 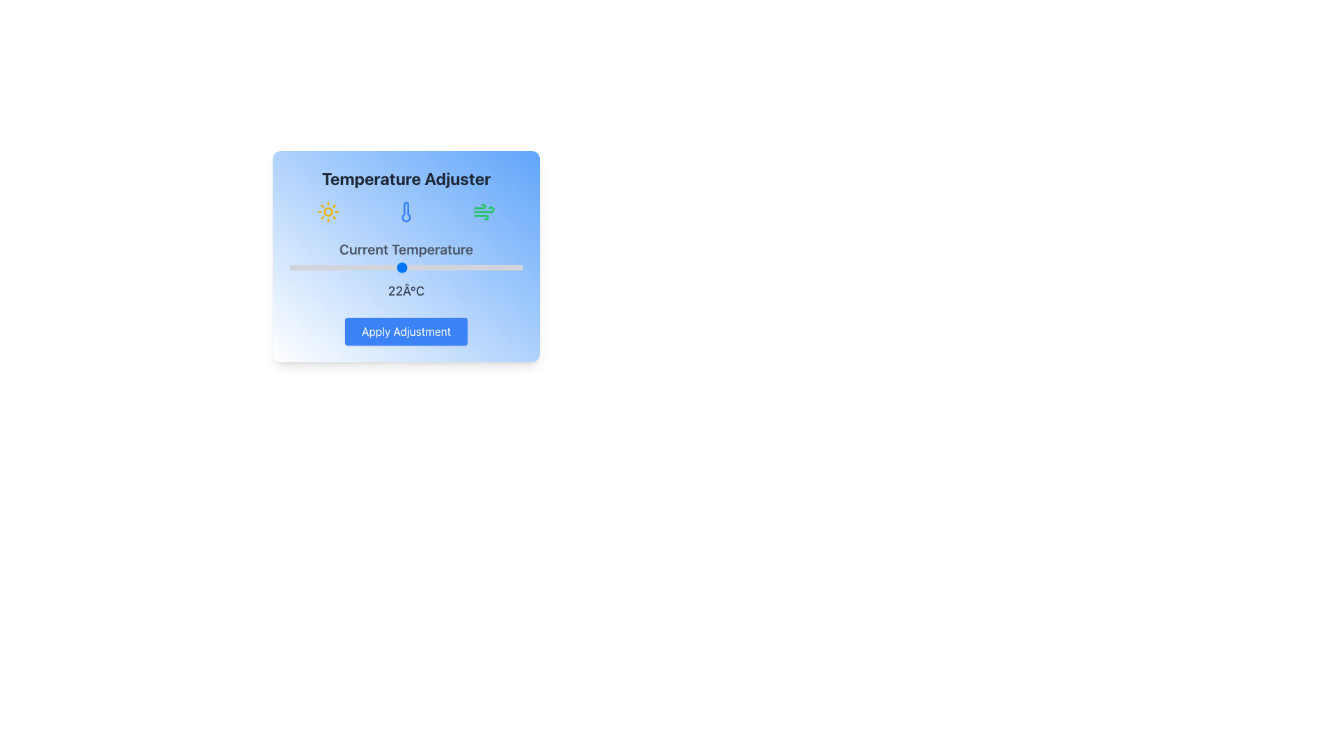 What do you see at coordinates (484, 211) in the screenshot?
I see `the green wind icon located on the right end of the row of icons, which includes a sun icon to the left and a thermometer icon in the middle` at bounding box center [484, 211].